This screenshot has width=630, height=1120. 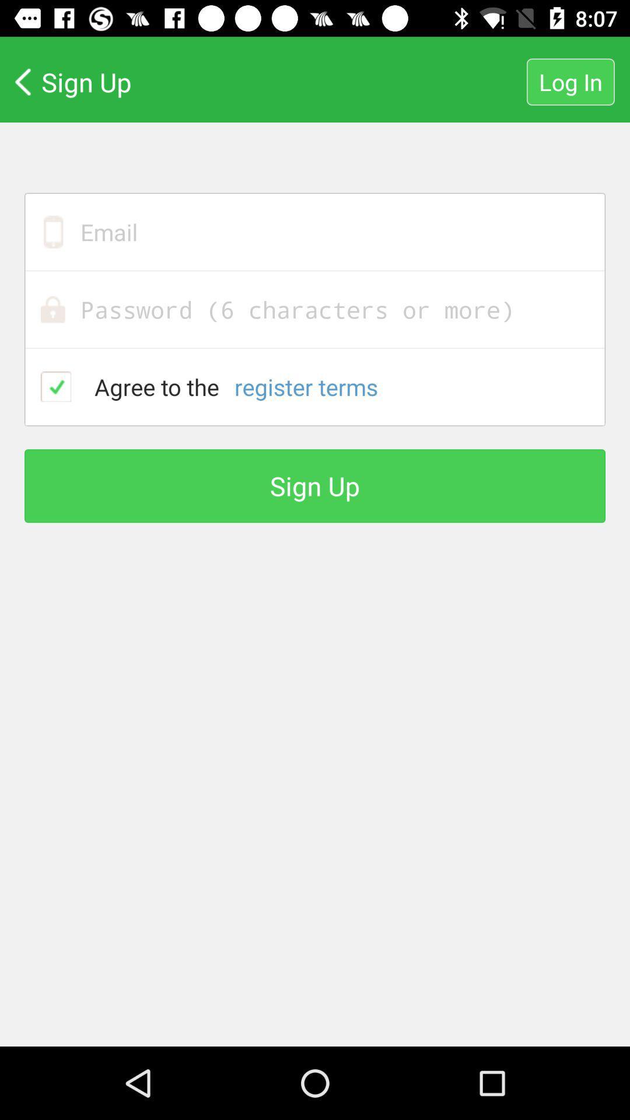 What do you see at coordinates (570, 81) in the screenshot?
I see `the icon next to the sign up icon` at bounding box center [570, 81].